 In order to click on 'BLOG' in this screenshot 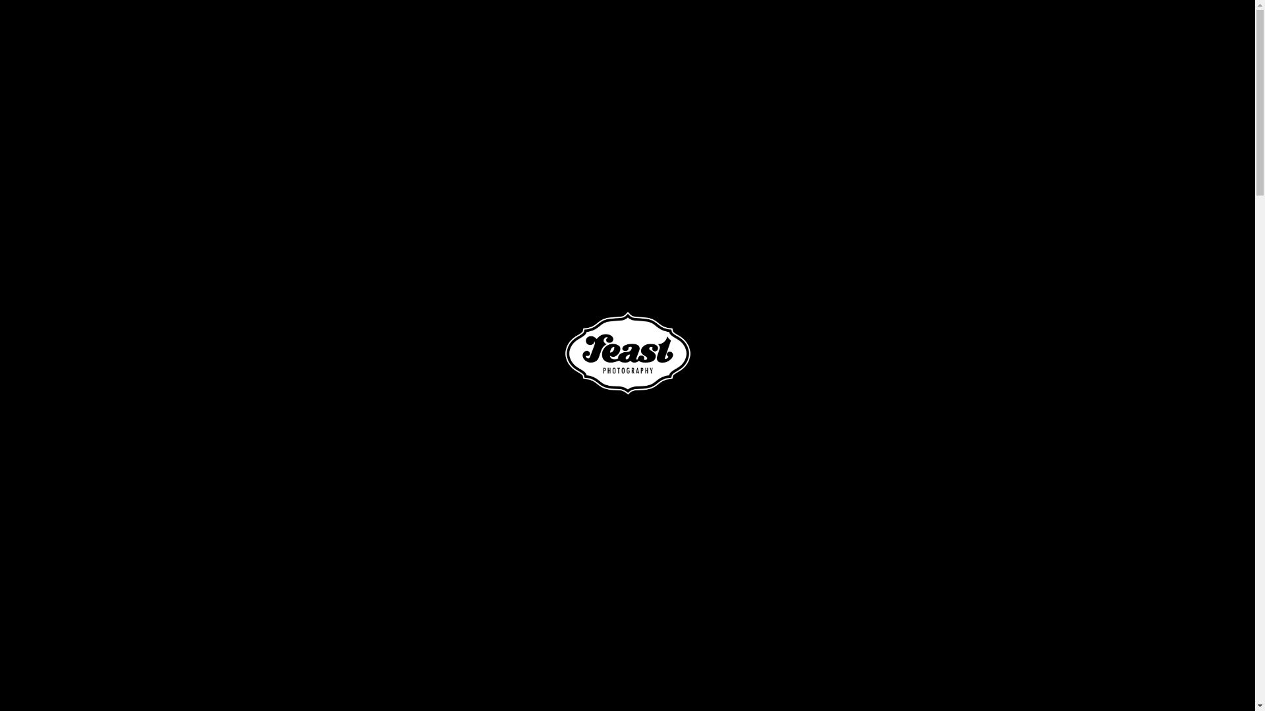, I will do `click(1106, 32)`.